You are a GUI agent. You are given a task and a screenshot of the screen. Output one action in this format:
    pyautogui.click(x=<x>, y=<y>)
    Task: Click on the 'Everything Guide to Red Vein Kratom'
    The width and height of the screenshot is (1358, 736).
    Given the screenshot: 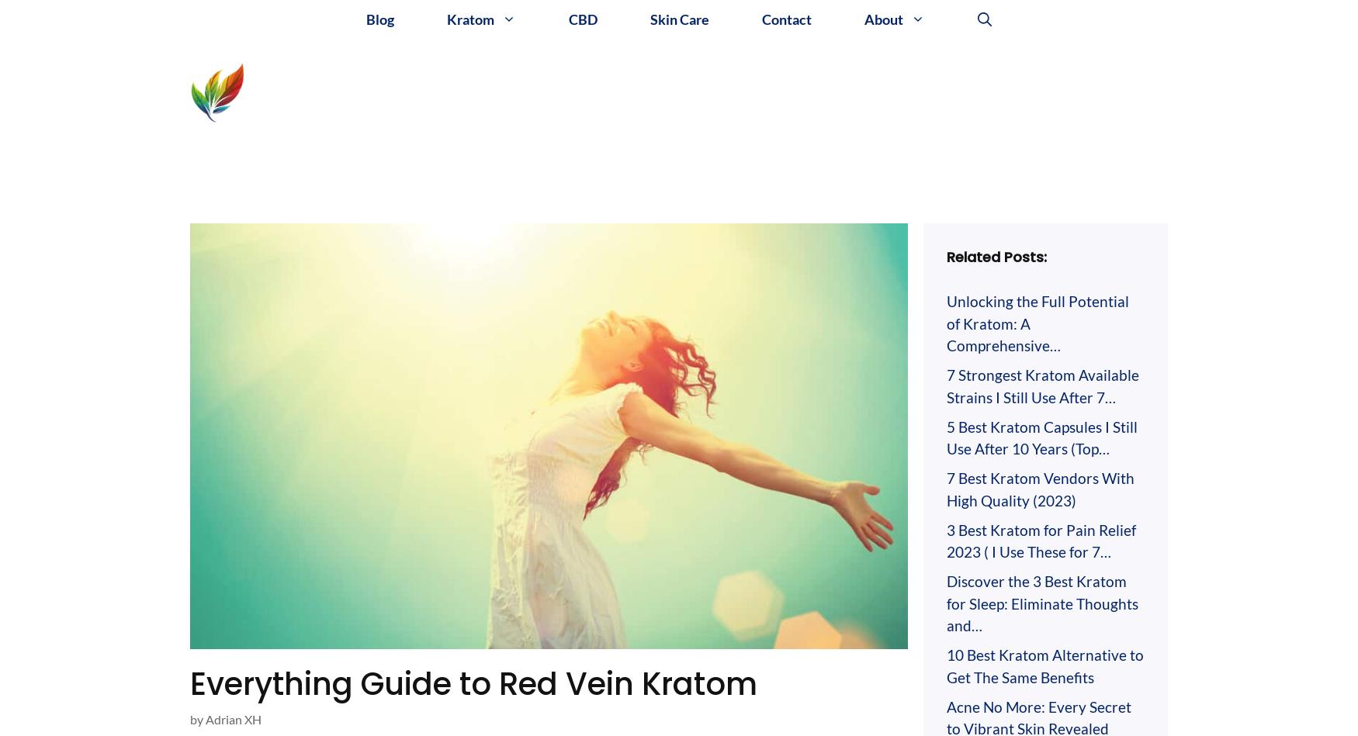 What is the action you would take?
    pyautogui.click(x=473, y=682)
    